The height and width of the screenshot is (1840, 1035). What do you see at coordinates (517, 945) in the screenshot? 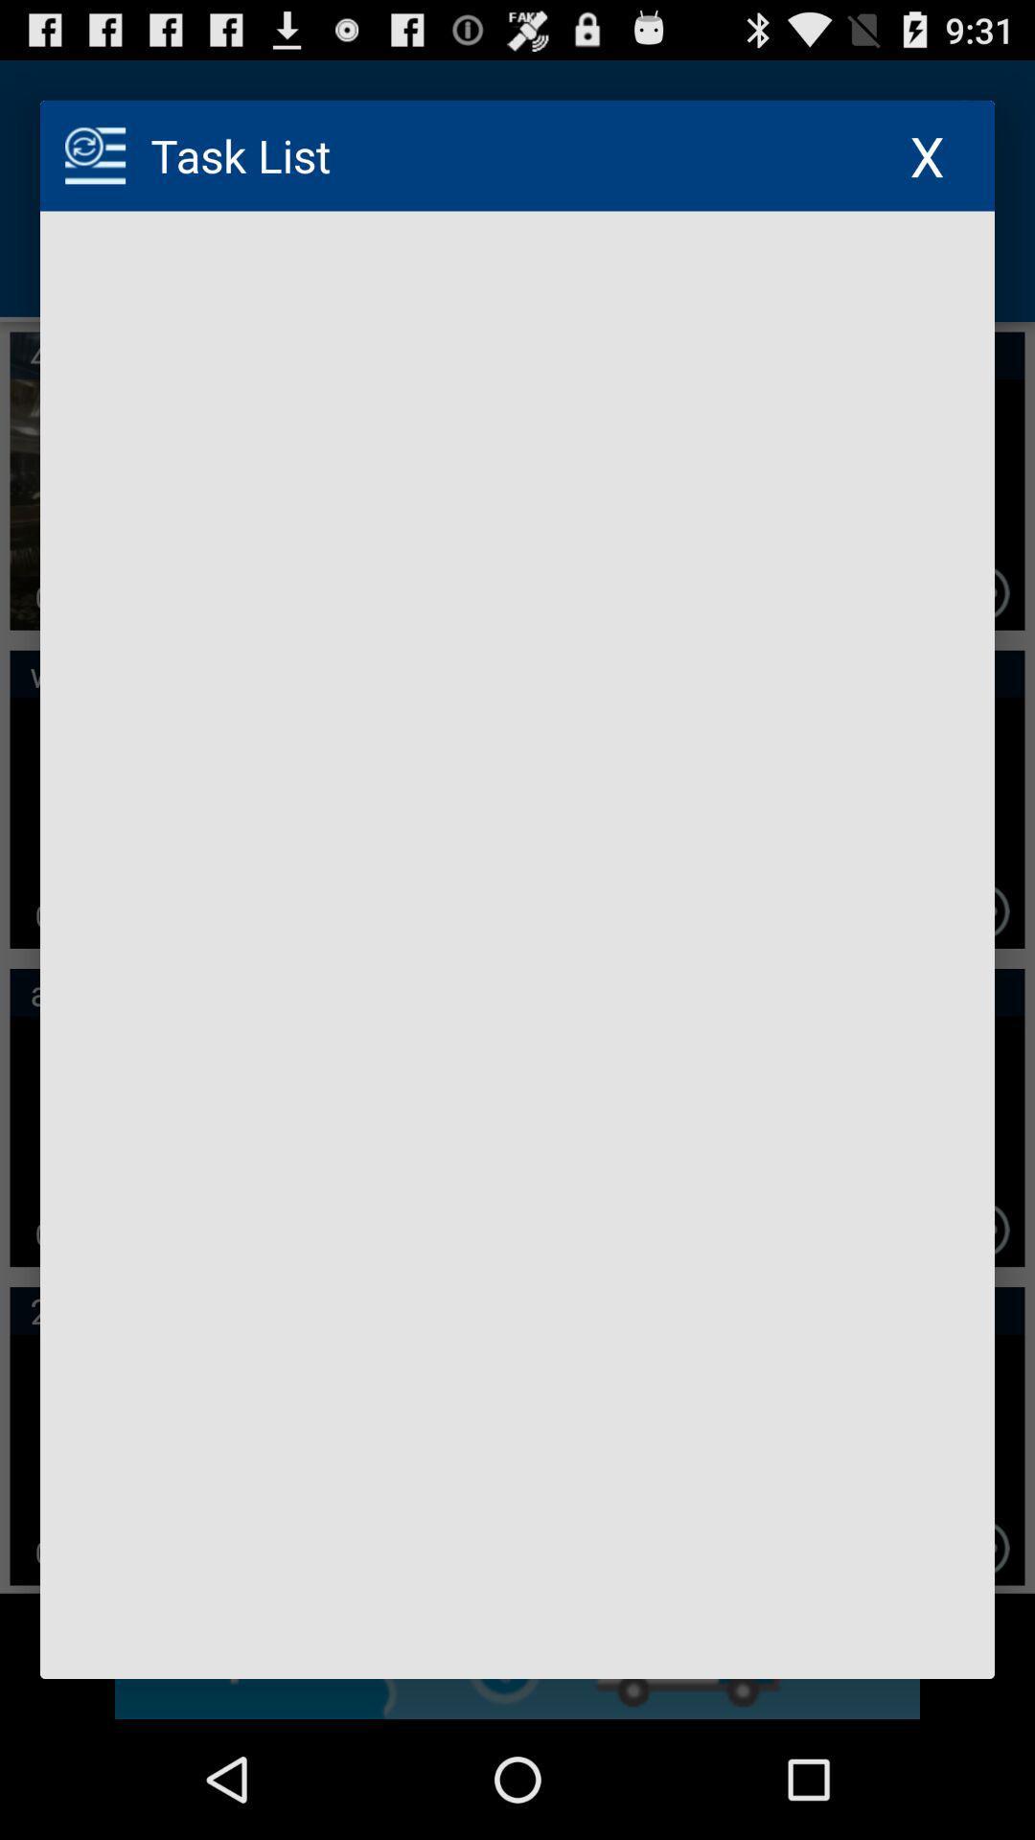
I see `the icon at the center` at bounding box center [517, 945].